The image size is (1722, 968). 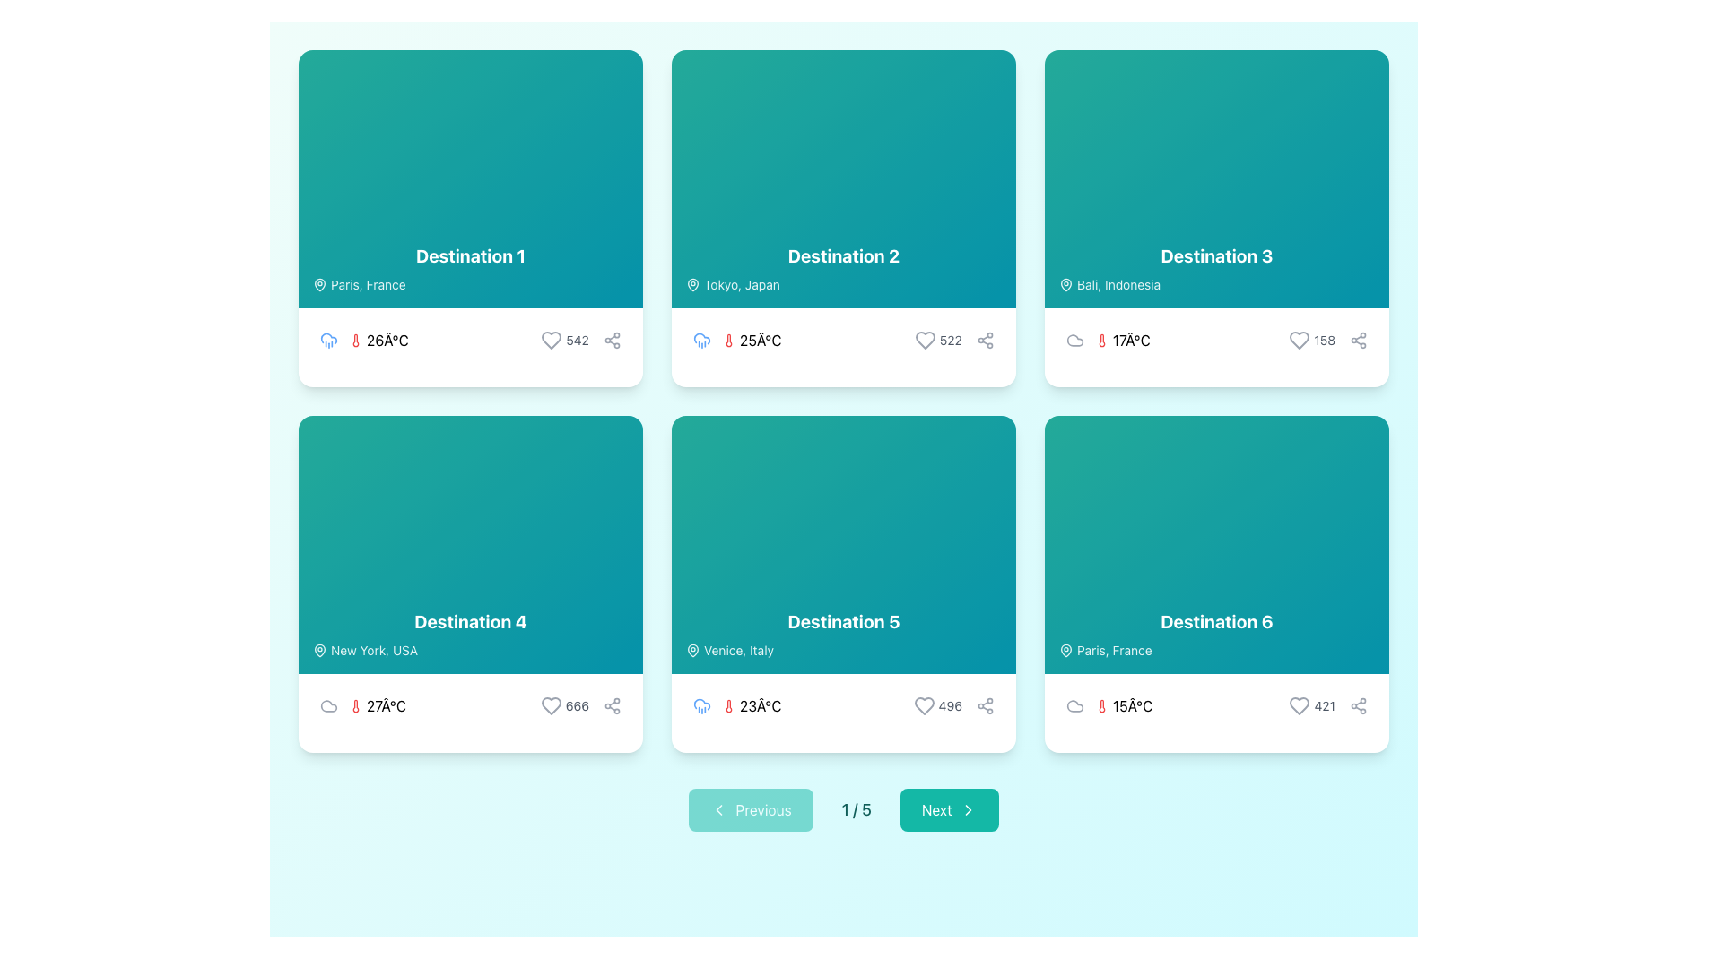 I want to click on the thermometer icon located in the 'Destination 4' card, positioned below the 'New York, USA' subtitle and left of the temperature value '27°C', so click(x=356, y=704).